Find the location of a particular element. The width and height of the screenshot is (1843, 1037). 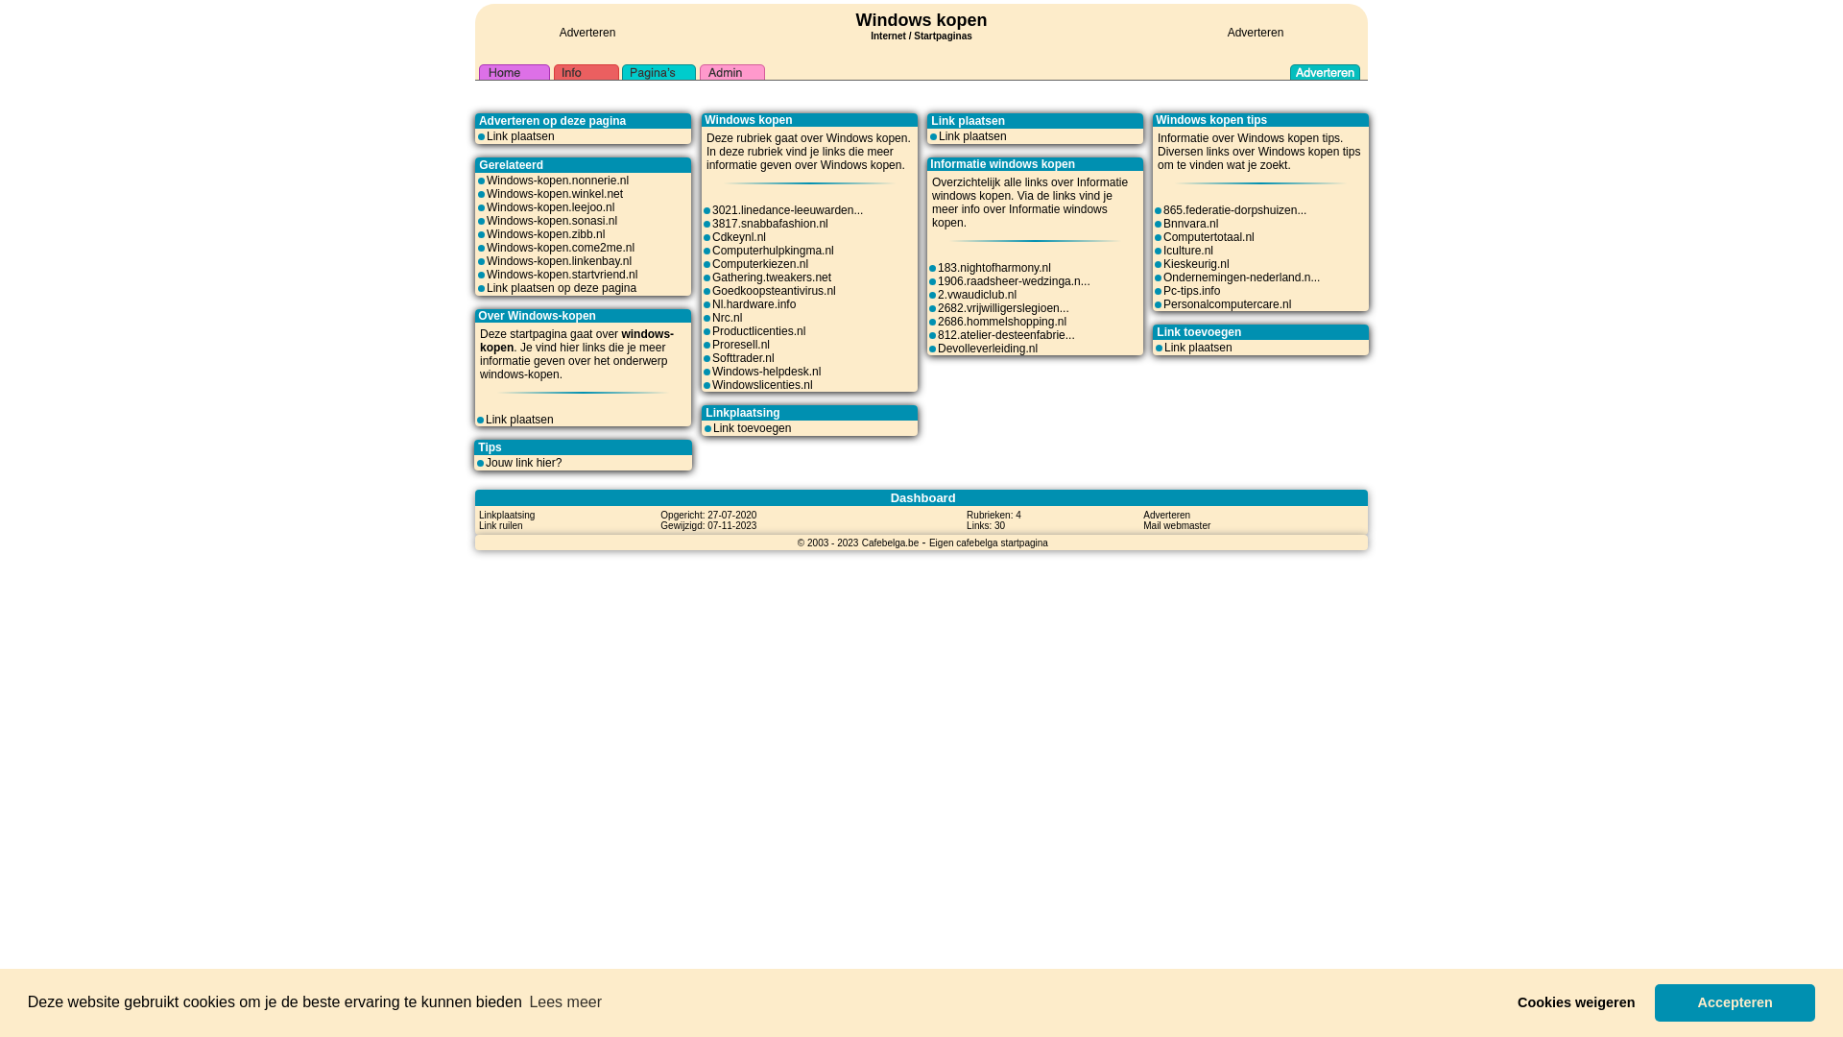

'812.atelier-desteenfabrie...' is located at coordinates (1005, 333).